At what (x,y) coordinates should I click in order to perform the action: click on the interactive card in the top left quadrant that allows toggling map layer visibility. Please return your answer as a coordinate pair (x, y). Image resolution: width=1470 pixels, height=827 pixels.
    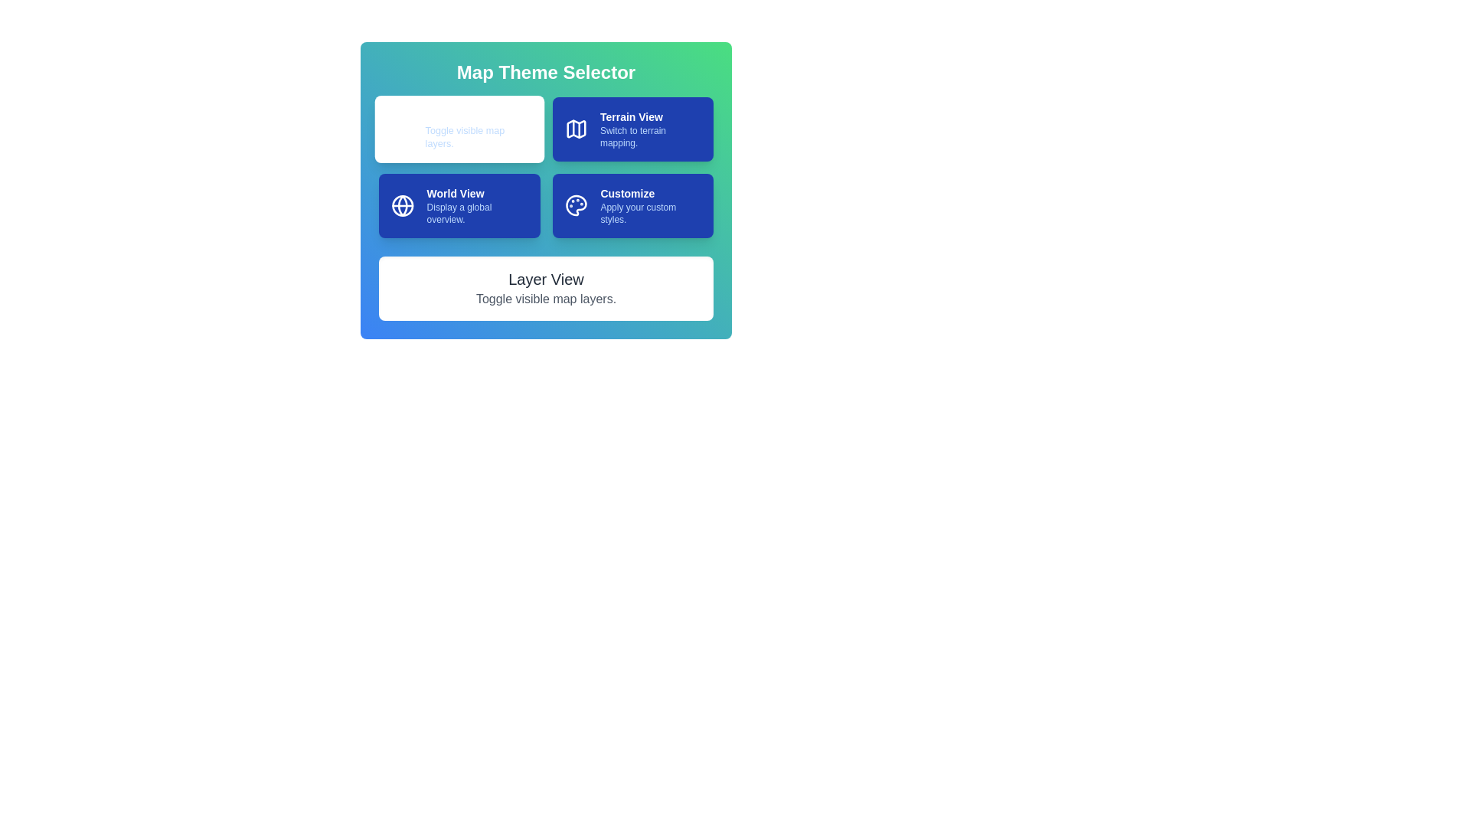
    Looking at the image, I should click on (459, 129).